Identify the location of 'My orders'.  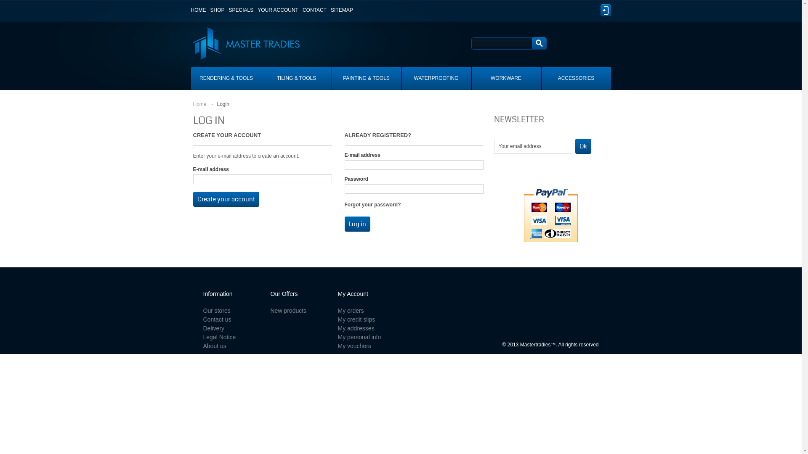
(351, 311).